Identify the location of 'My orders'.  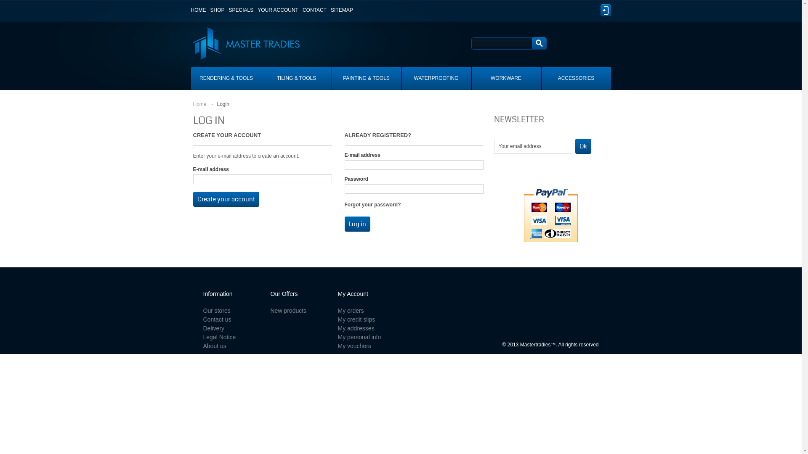
(351, 311).